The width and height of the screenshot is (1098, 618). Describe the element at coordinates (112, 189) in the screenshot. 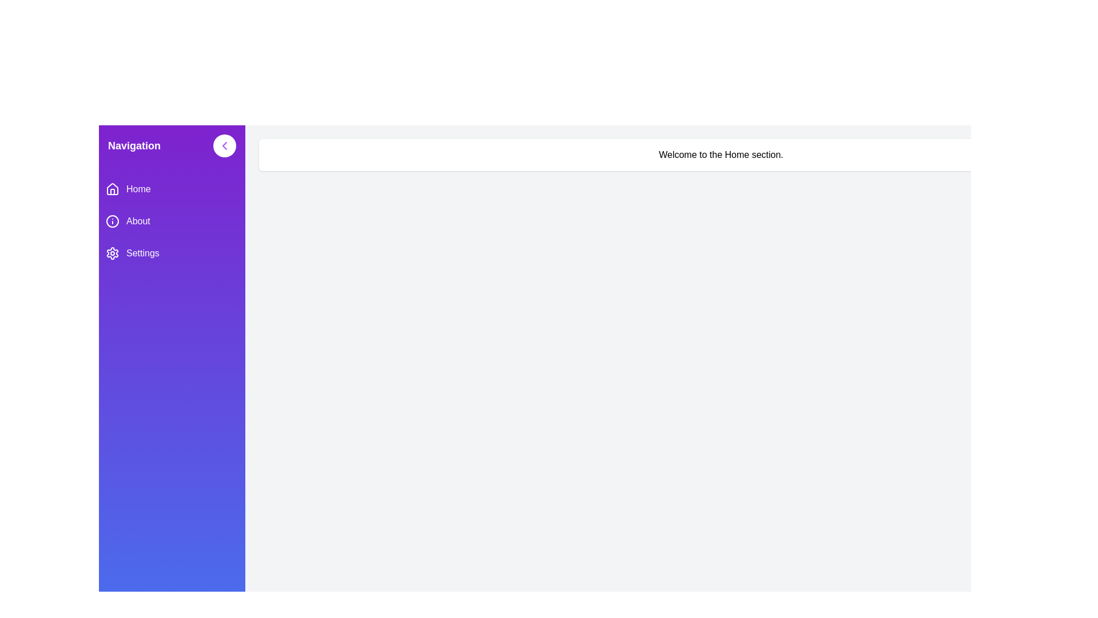

I see `the 'Home' icon located in the first row of the navigation sidebar, positioned to the left of the text label 'Home'` at that location.